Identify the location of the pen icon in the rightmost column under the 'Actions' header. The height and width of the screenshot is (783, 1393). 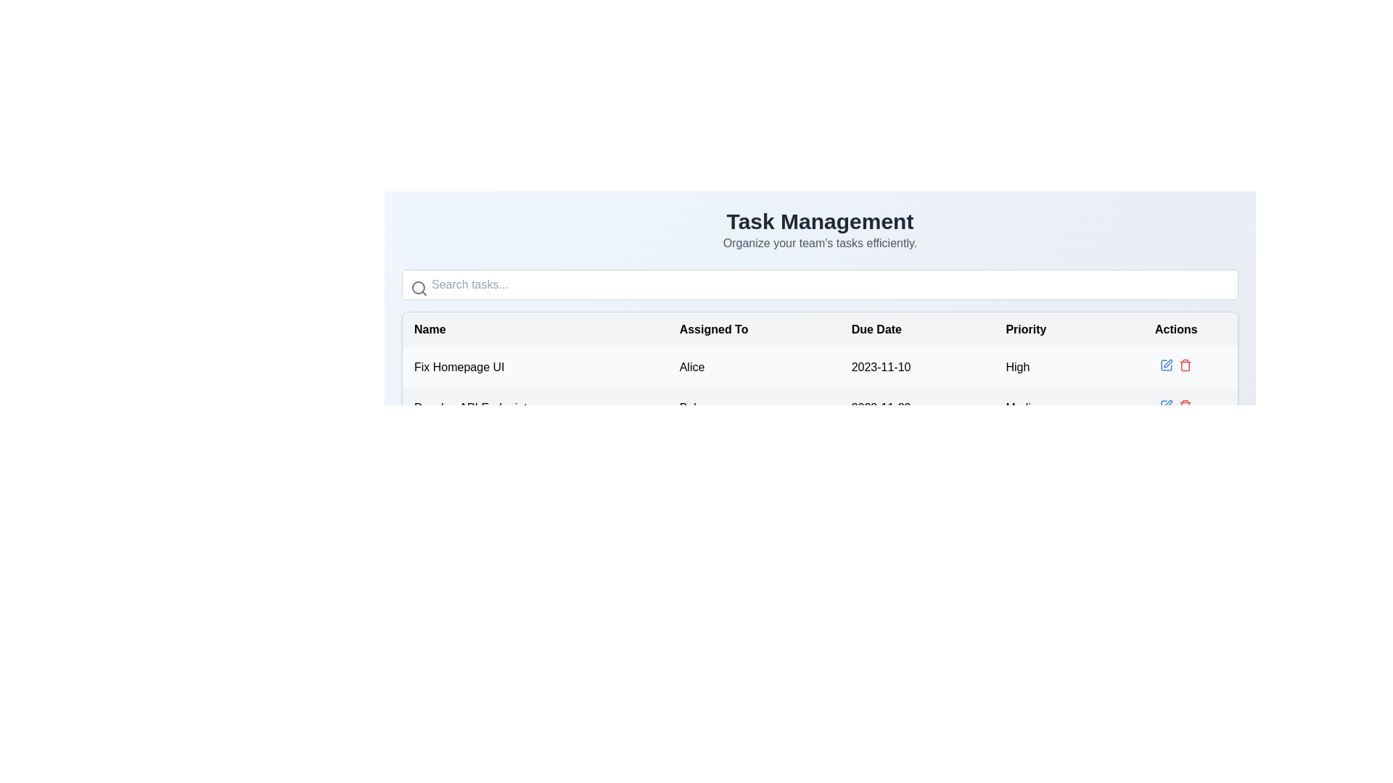
(1168, 362).